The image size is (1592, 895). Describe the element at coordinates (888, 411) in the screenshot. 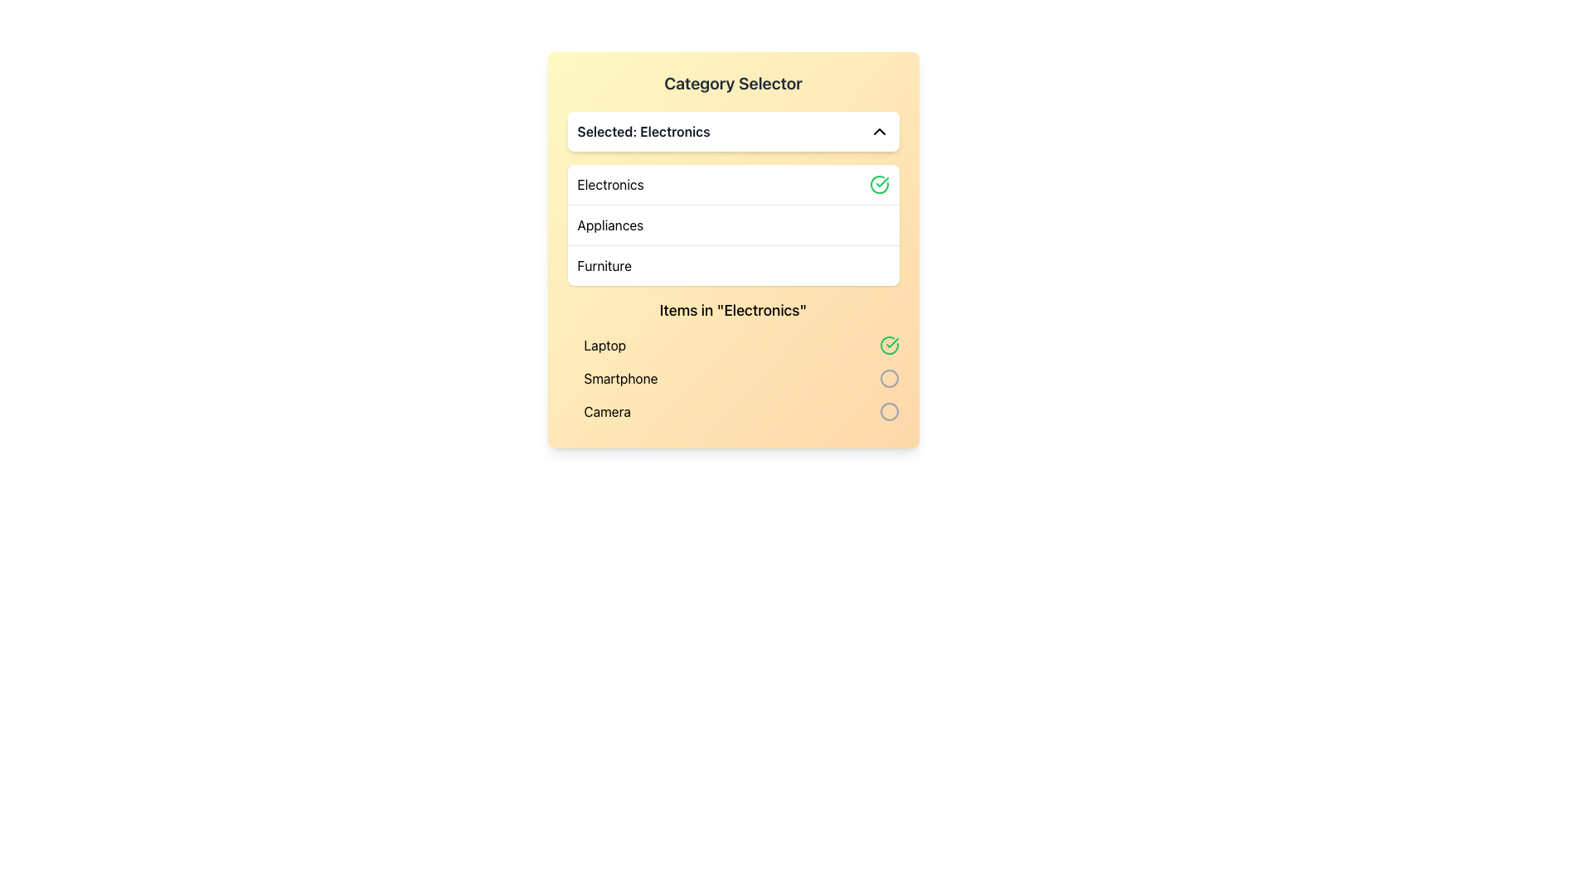

I see `the third circular status indicator icon for the 'Camera' option, which is currently not selected` at that location.